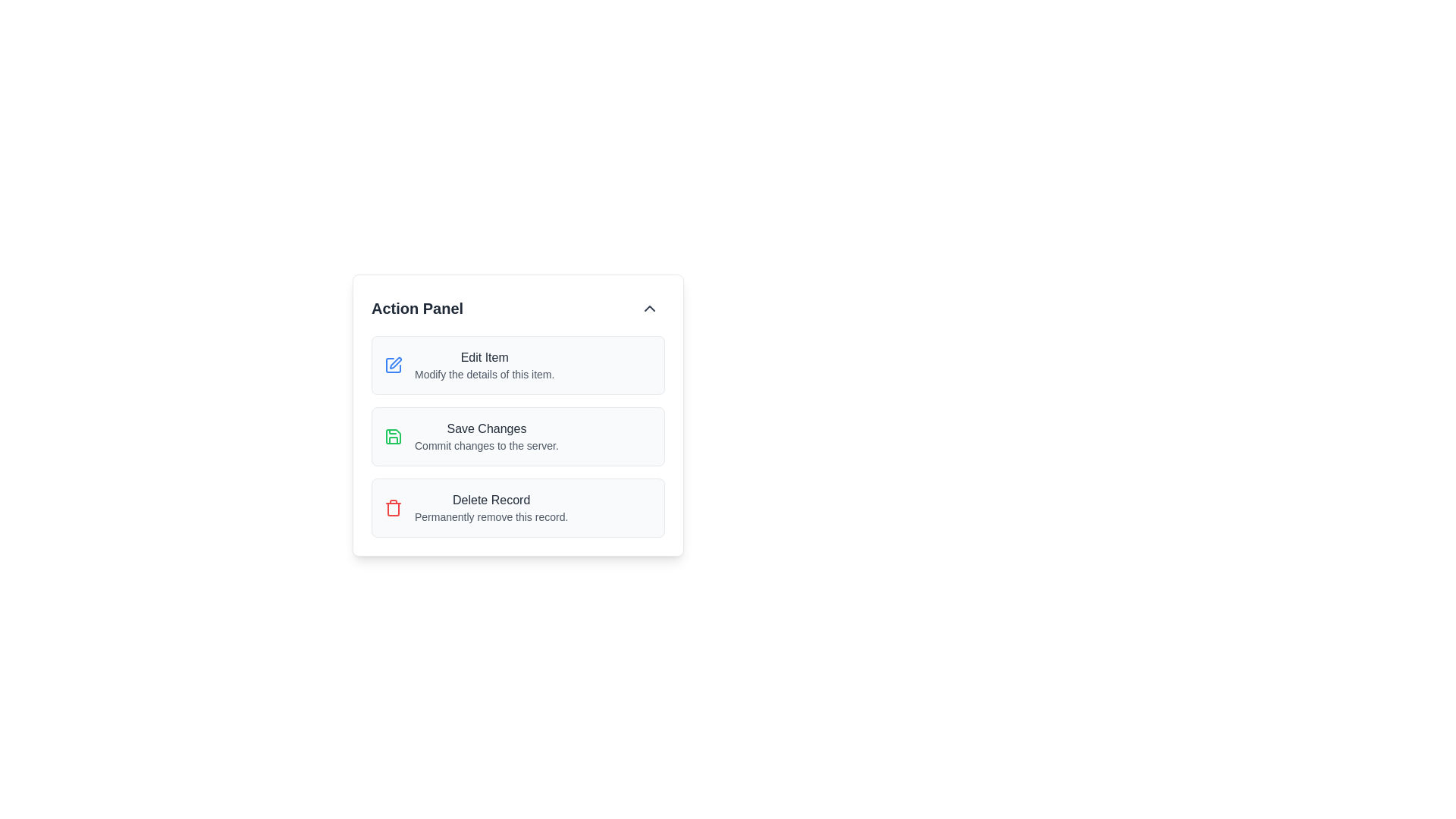  Describe the element at coordinates (393, 508) in the screenshot. I see `the delete action icon located to the left of the 'Delete Record' text in the bottom section of the Action Panel widget` at that location.